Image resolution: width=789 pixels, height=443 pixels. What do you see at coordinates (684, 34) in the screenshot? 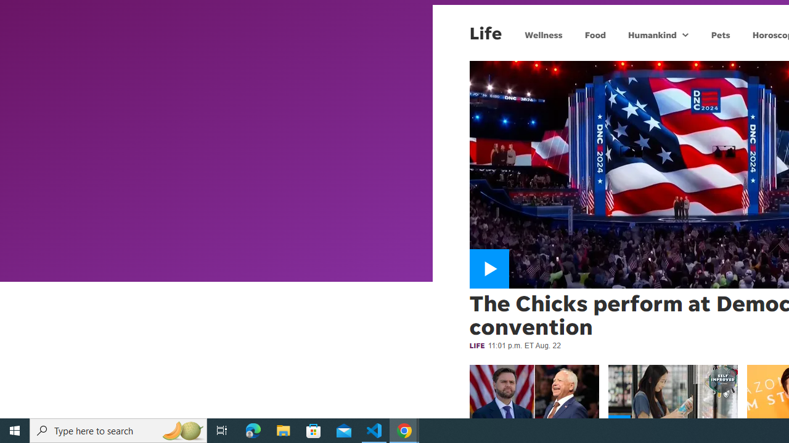
I see `'More Humankind navigation'` at bounding box center [684, 34].